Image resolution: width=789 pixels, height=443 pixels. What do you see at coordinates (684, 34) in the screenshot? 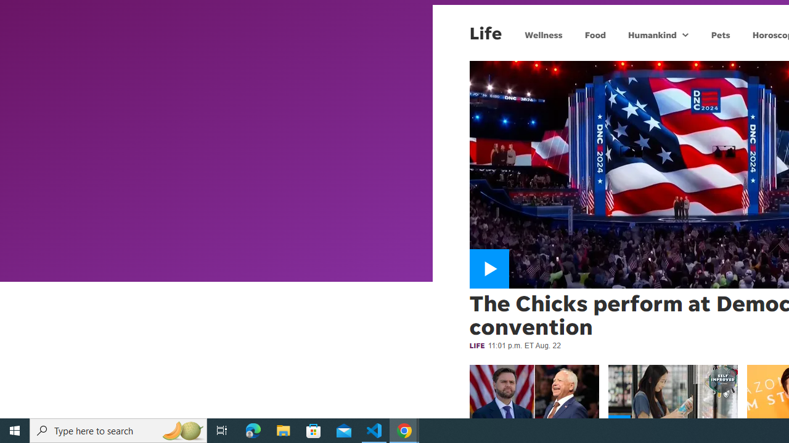
I see `'More Humankind navigation'` at bounding box center [684, 34].